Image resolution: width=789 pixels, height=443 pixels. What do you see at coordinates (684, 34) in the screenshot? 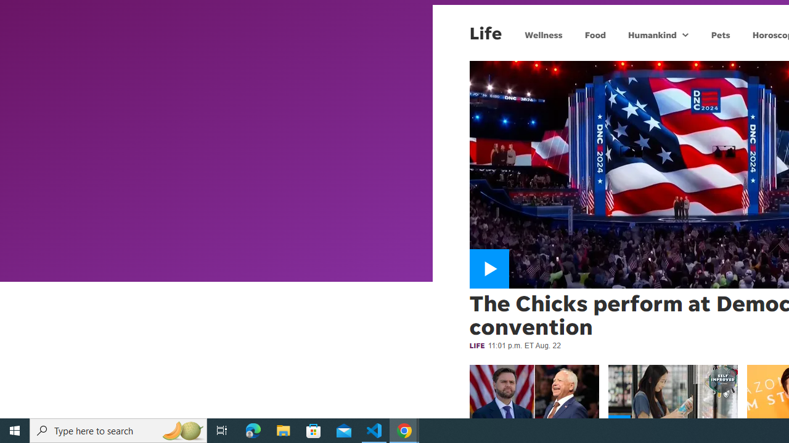
I see `'More Humankind navigation'` at bounding box center [684, 34].